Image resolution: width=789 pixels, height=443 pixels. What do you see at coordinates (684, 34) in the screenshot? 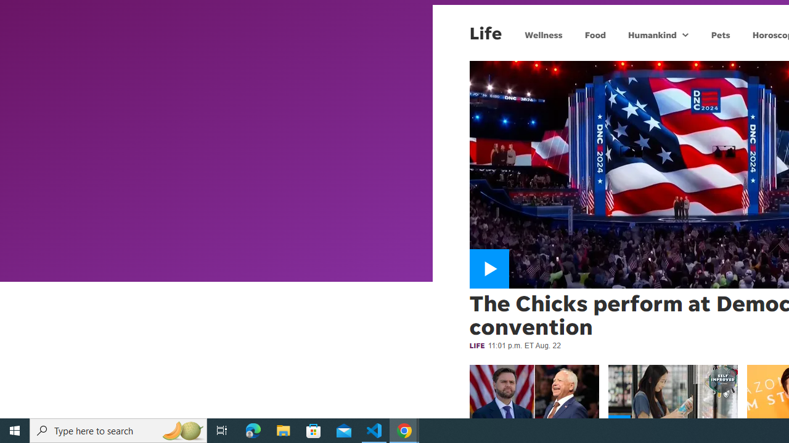
I see `'More Humankind navigation'` at bounding box center [684, 34].